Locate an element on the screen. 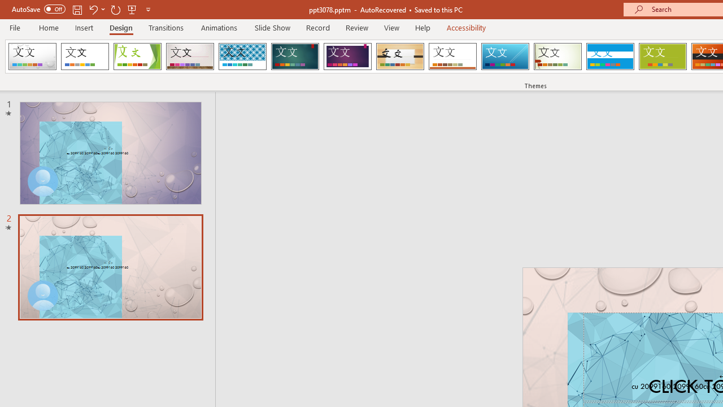 The height and width of the screenshot is (407, 723). 'Ion Boardroom' is located at coordinates (347, 57).